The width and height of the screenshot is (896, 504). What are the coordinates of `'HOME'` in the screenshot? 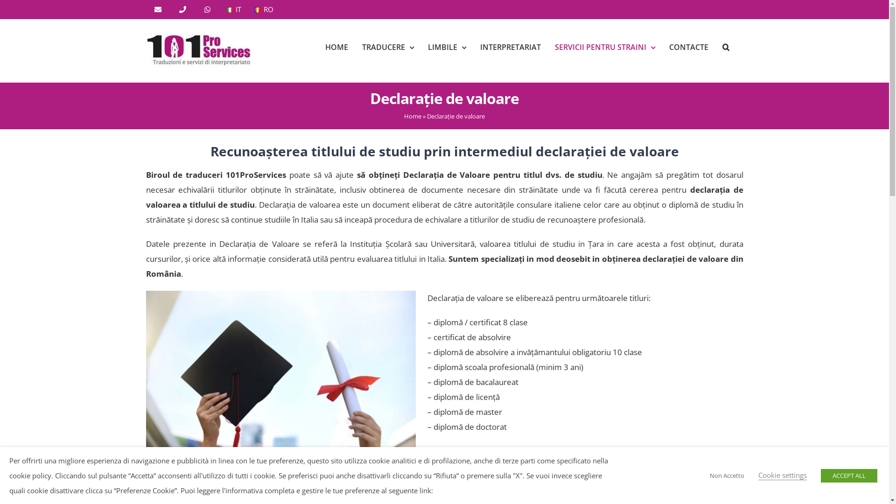 It's located at (336, 47).